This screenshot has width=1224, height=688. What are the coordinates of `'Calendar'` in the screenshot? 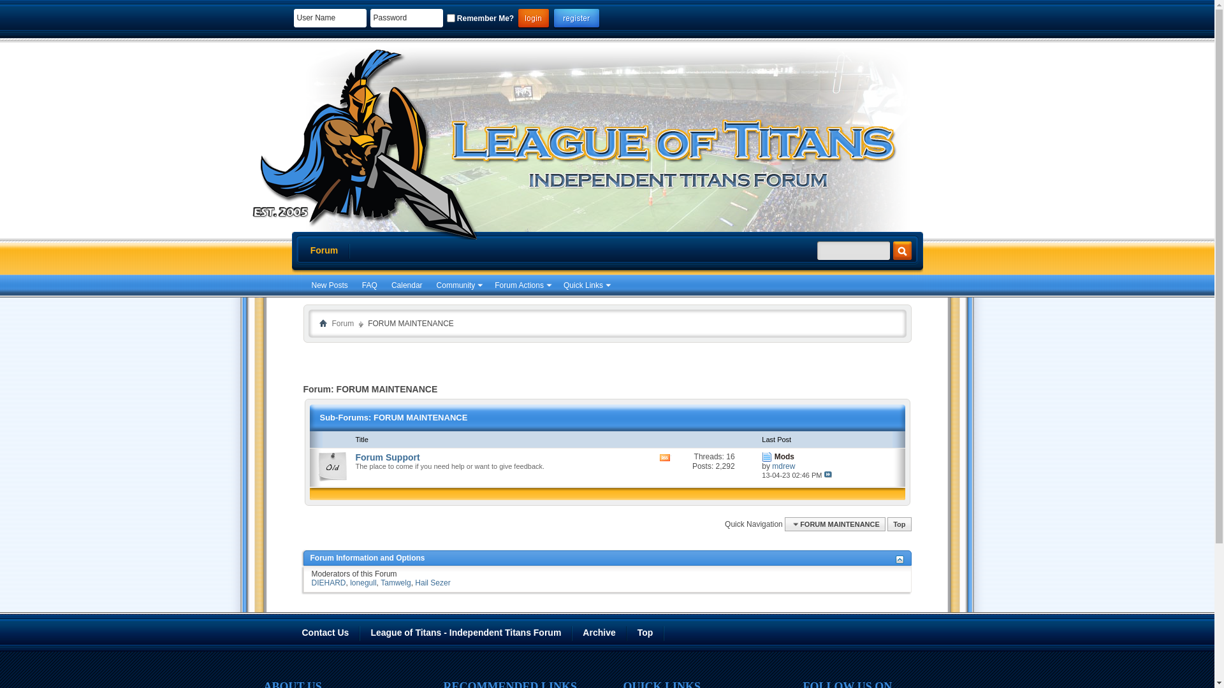 It's located at (406, 285).